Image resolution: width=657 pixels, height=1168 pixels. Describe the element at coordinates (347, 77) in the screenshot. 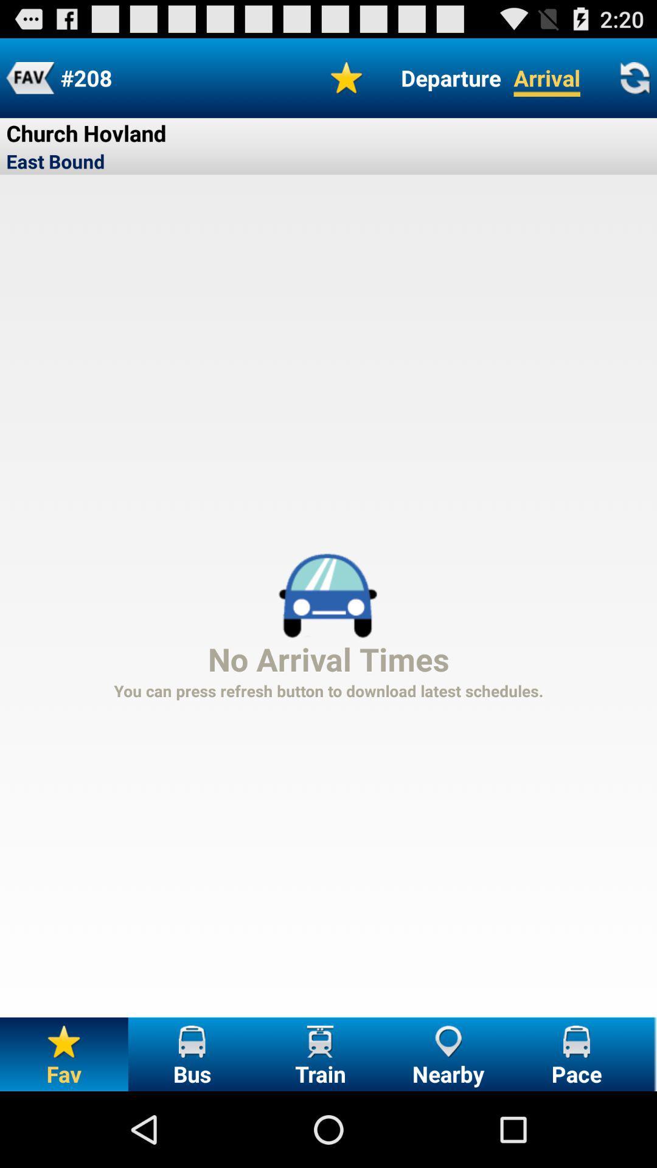

I see `the star present on the top` at that location.